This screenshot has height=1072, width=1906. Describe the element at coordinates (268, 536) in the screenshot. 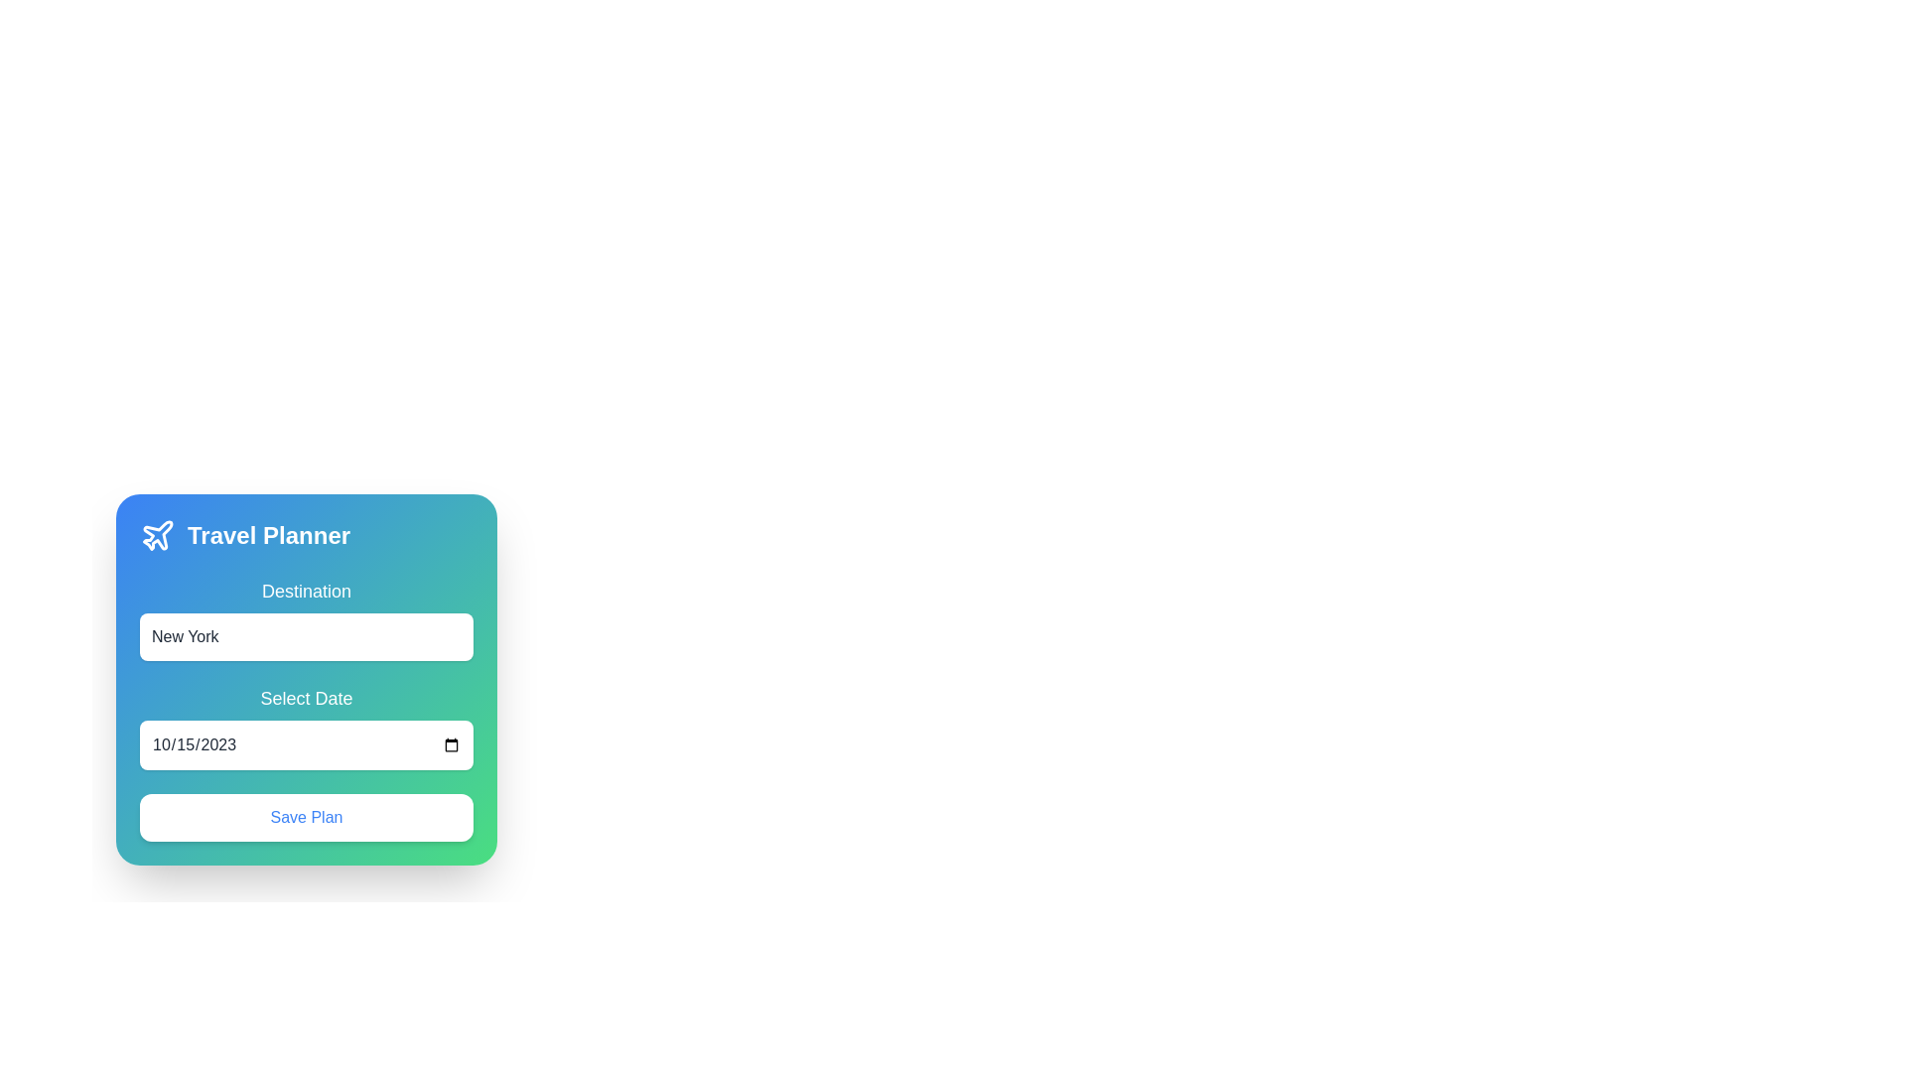

I see `the 'Travel Planner' text label, which is styled in bold and large white font against a gradient blue and green background, located on the top-left side of the card-like interface` at that location.